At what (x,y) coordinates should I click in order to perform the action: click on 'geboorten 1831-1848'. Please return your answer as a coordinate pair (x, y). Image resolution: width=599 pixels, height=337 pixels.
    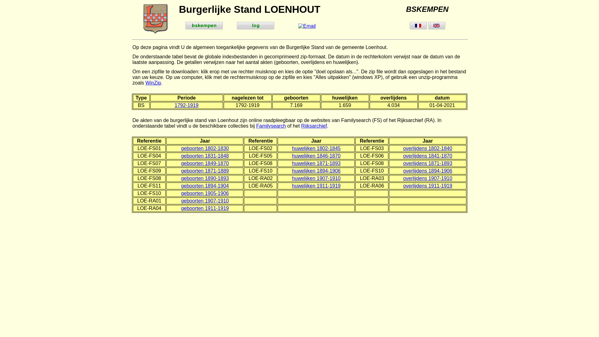
    Looking at the image, I should click on (181, 155).